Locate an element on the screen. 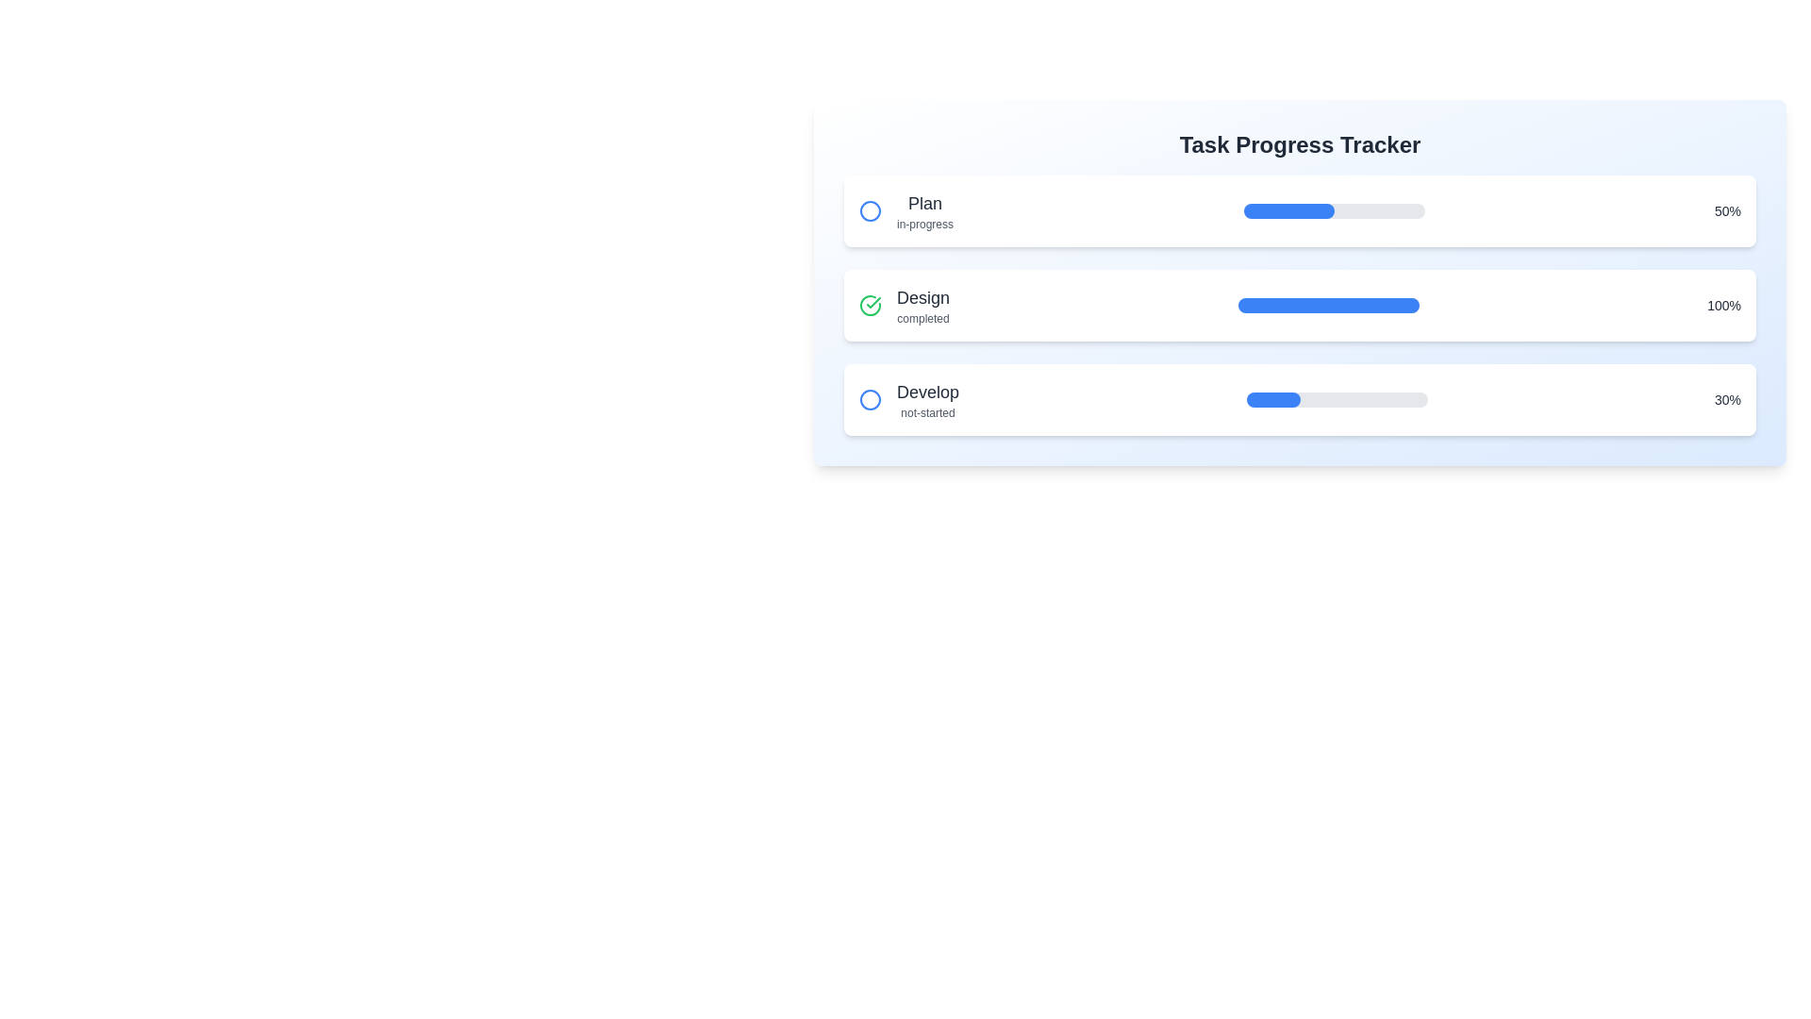 This screenshot has height=1019, width=1811. the Text Label Pair (Headline-Subheadline) that displays 'Plan' and 'in-progress' is located at coordinates (924, 210).